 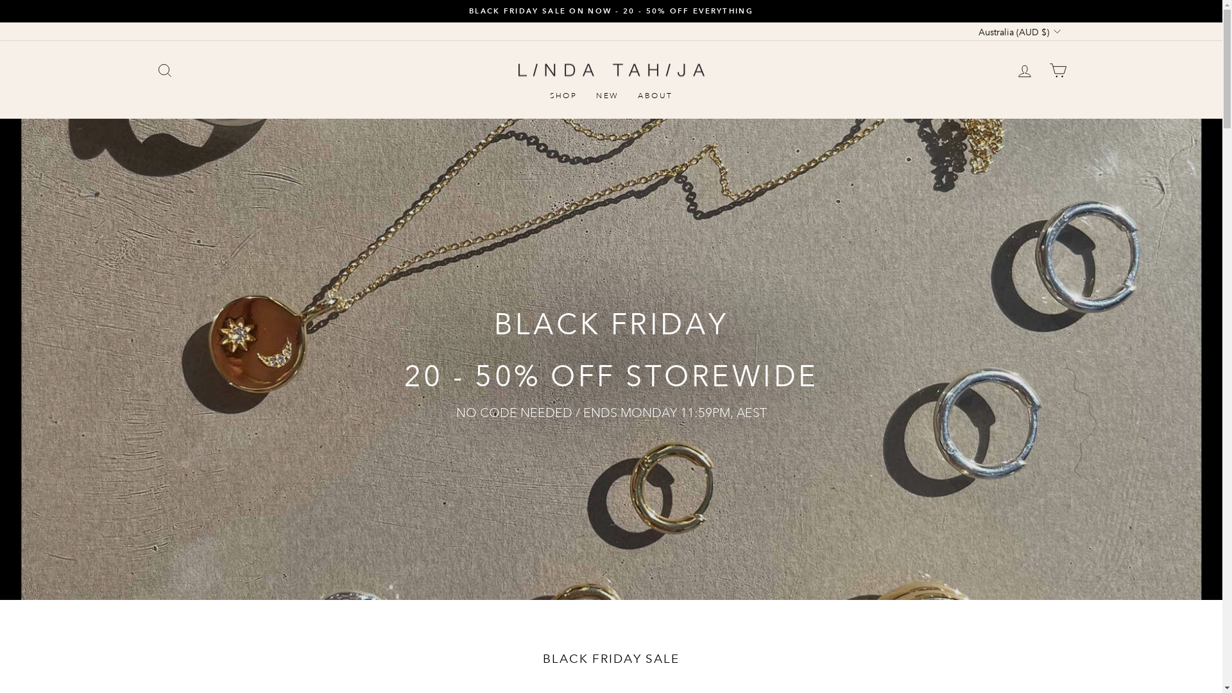 What do you see at coordinates (1017, 31) in the screenshot?
I see `'Australia (AUD $)'` at bounding box center [1017, 31].